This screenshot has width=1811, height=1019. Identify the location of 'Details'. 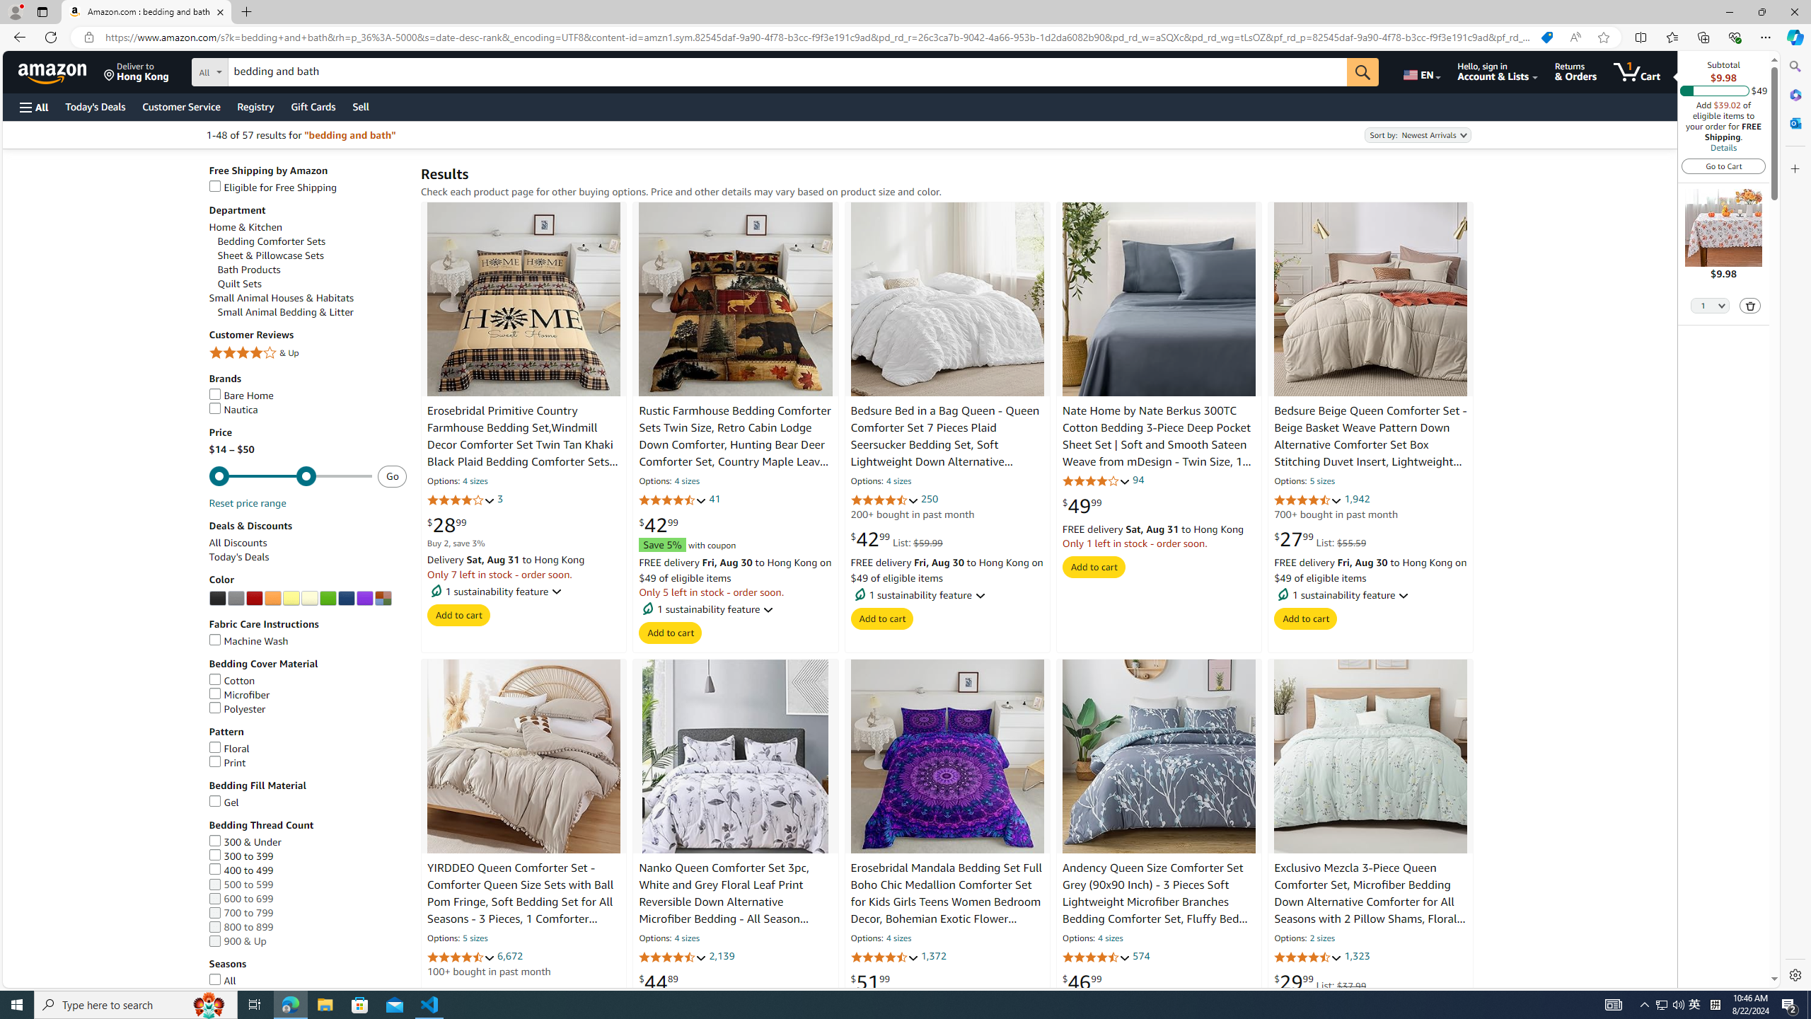
(1722, 146).